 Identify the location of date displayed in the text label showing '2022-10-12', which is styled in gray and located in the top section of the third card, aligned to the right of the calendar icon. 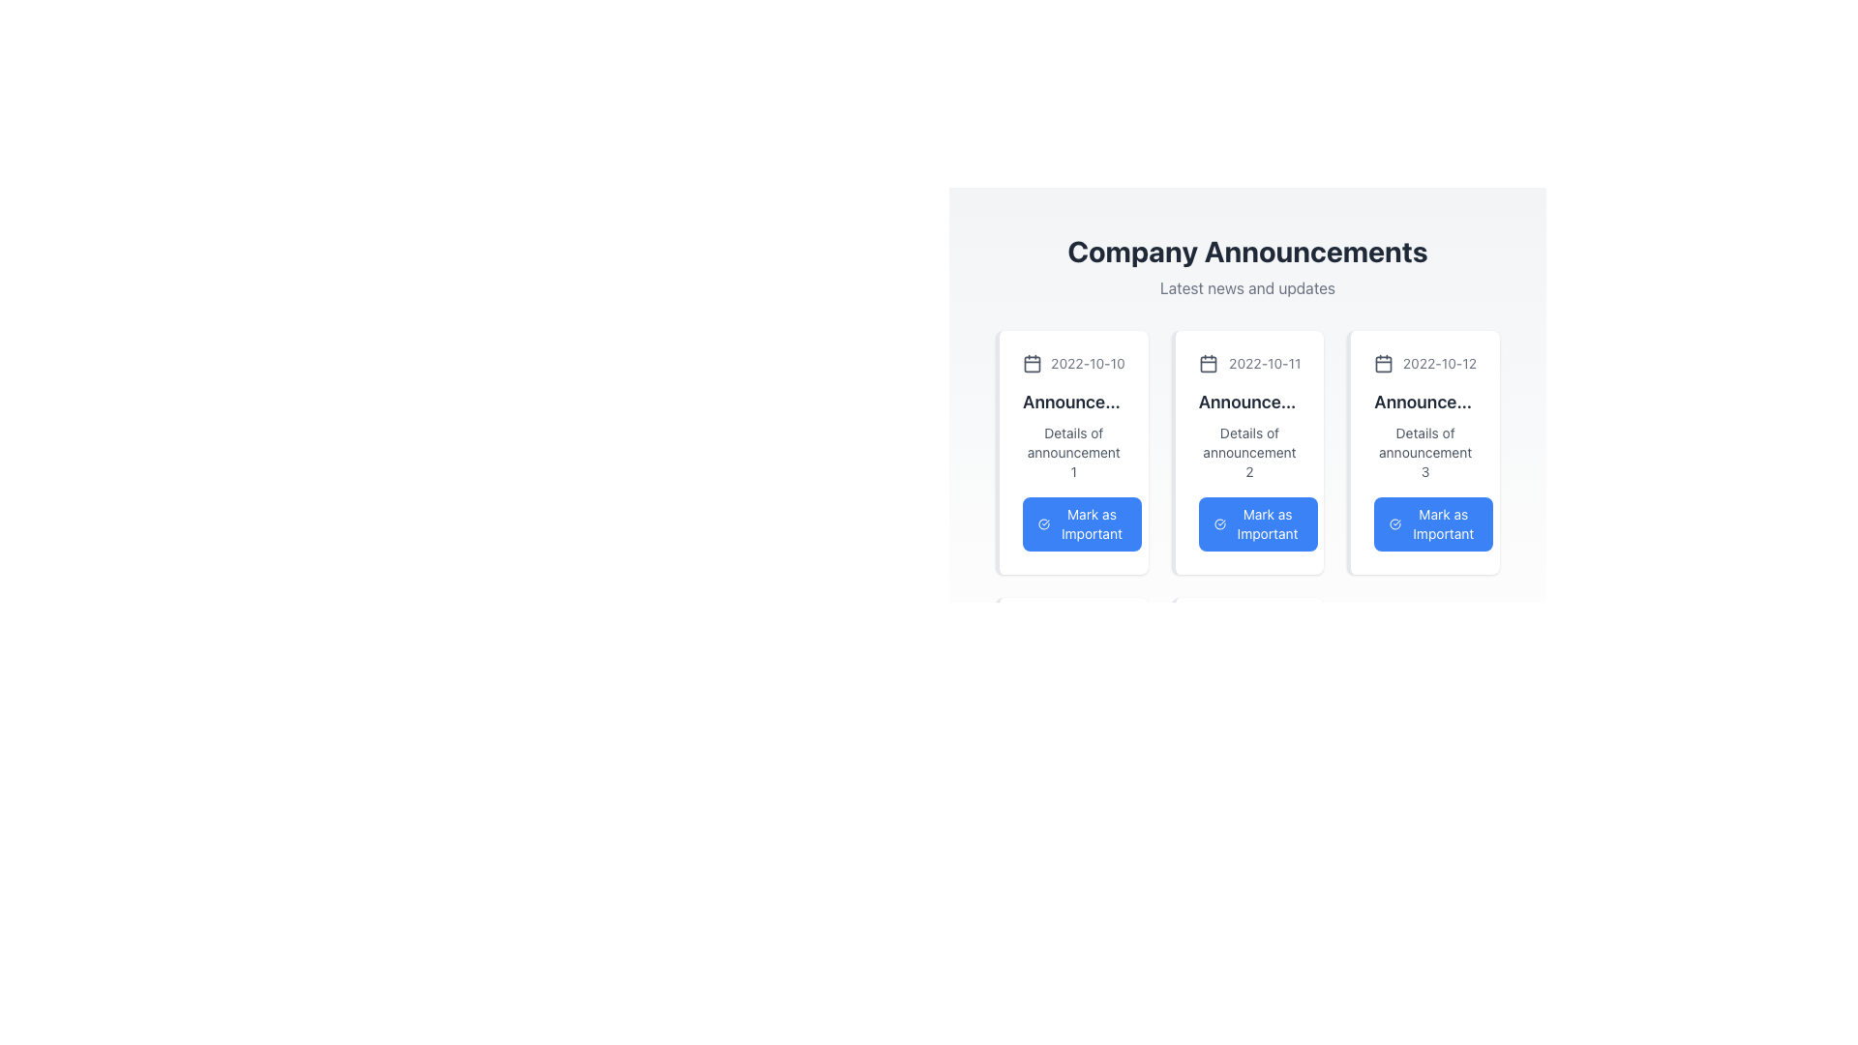
(1440, 363).